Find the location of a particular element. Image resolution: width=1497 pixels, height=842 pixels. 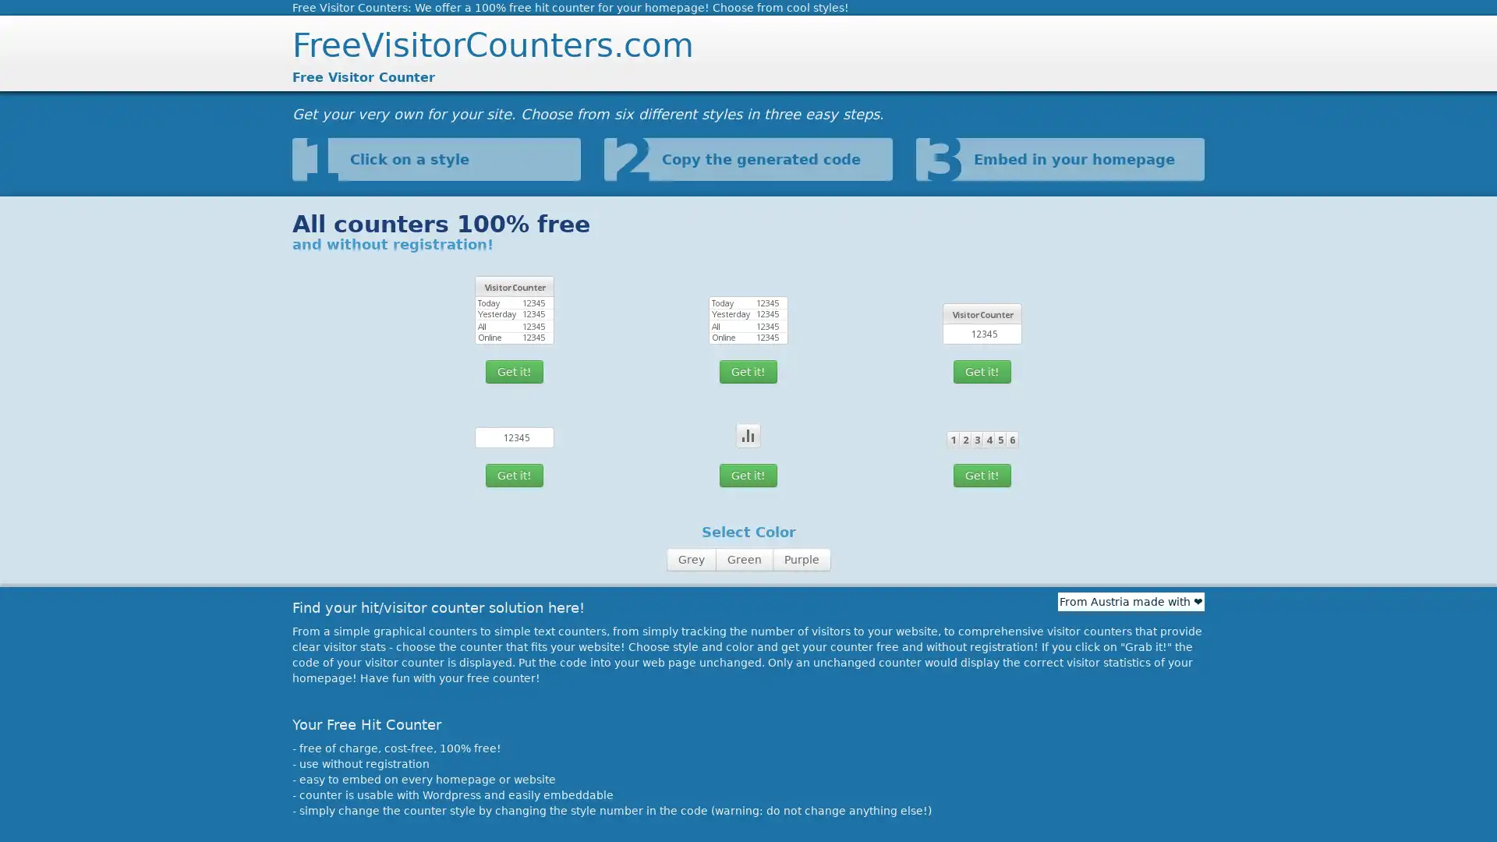

Purple is located at coordinates (801, 558).